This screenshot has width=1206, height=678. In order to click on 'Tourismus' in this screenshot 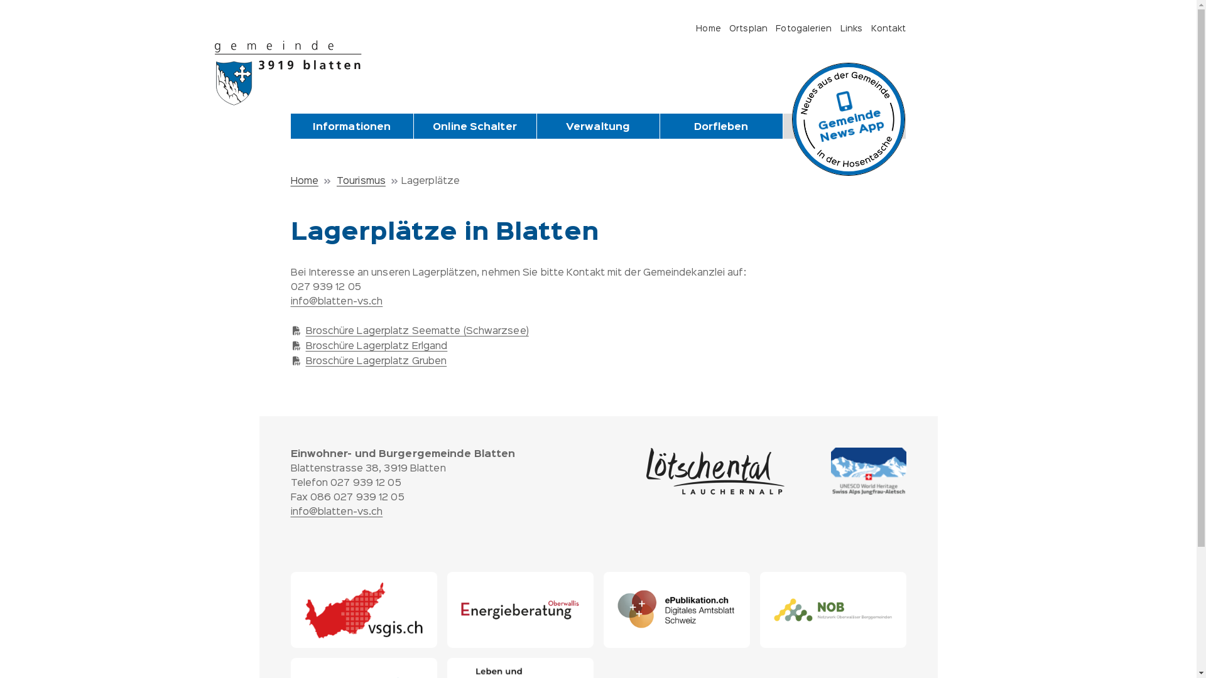, I will do `click(368, 181)`.